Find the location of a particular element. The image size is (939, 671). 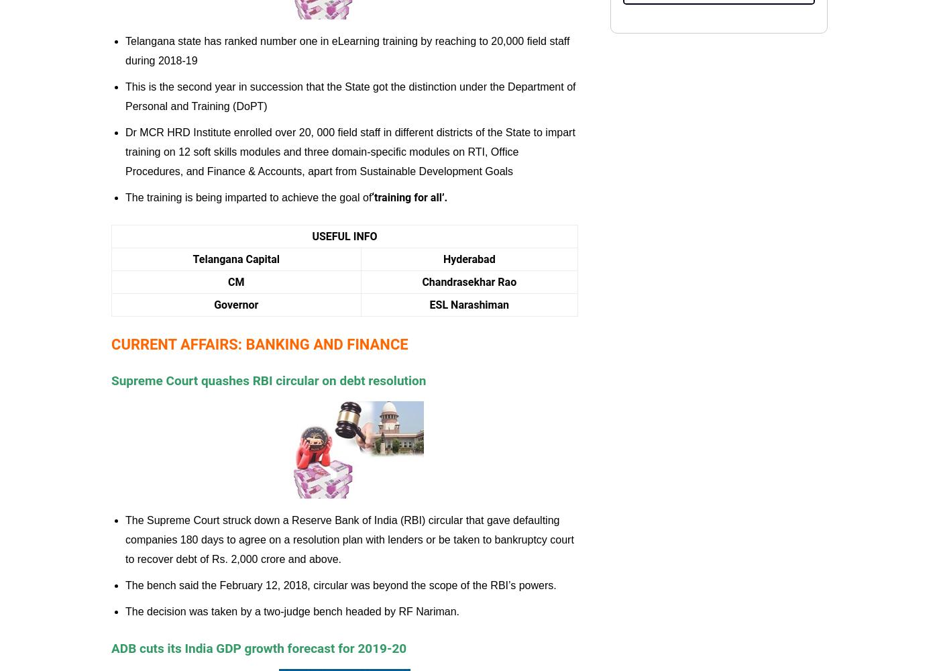

'9003786960 – (Whatsapp)' is located at coordinates (736, 140).